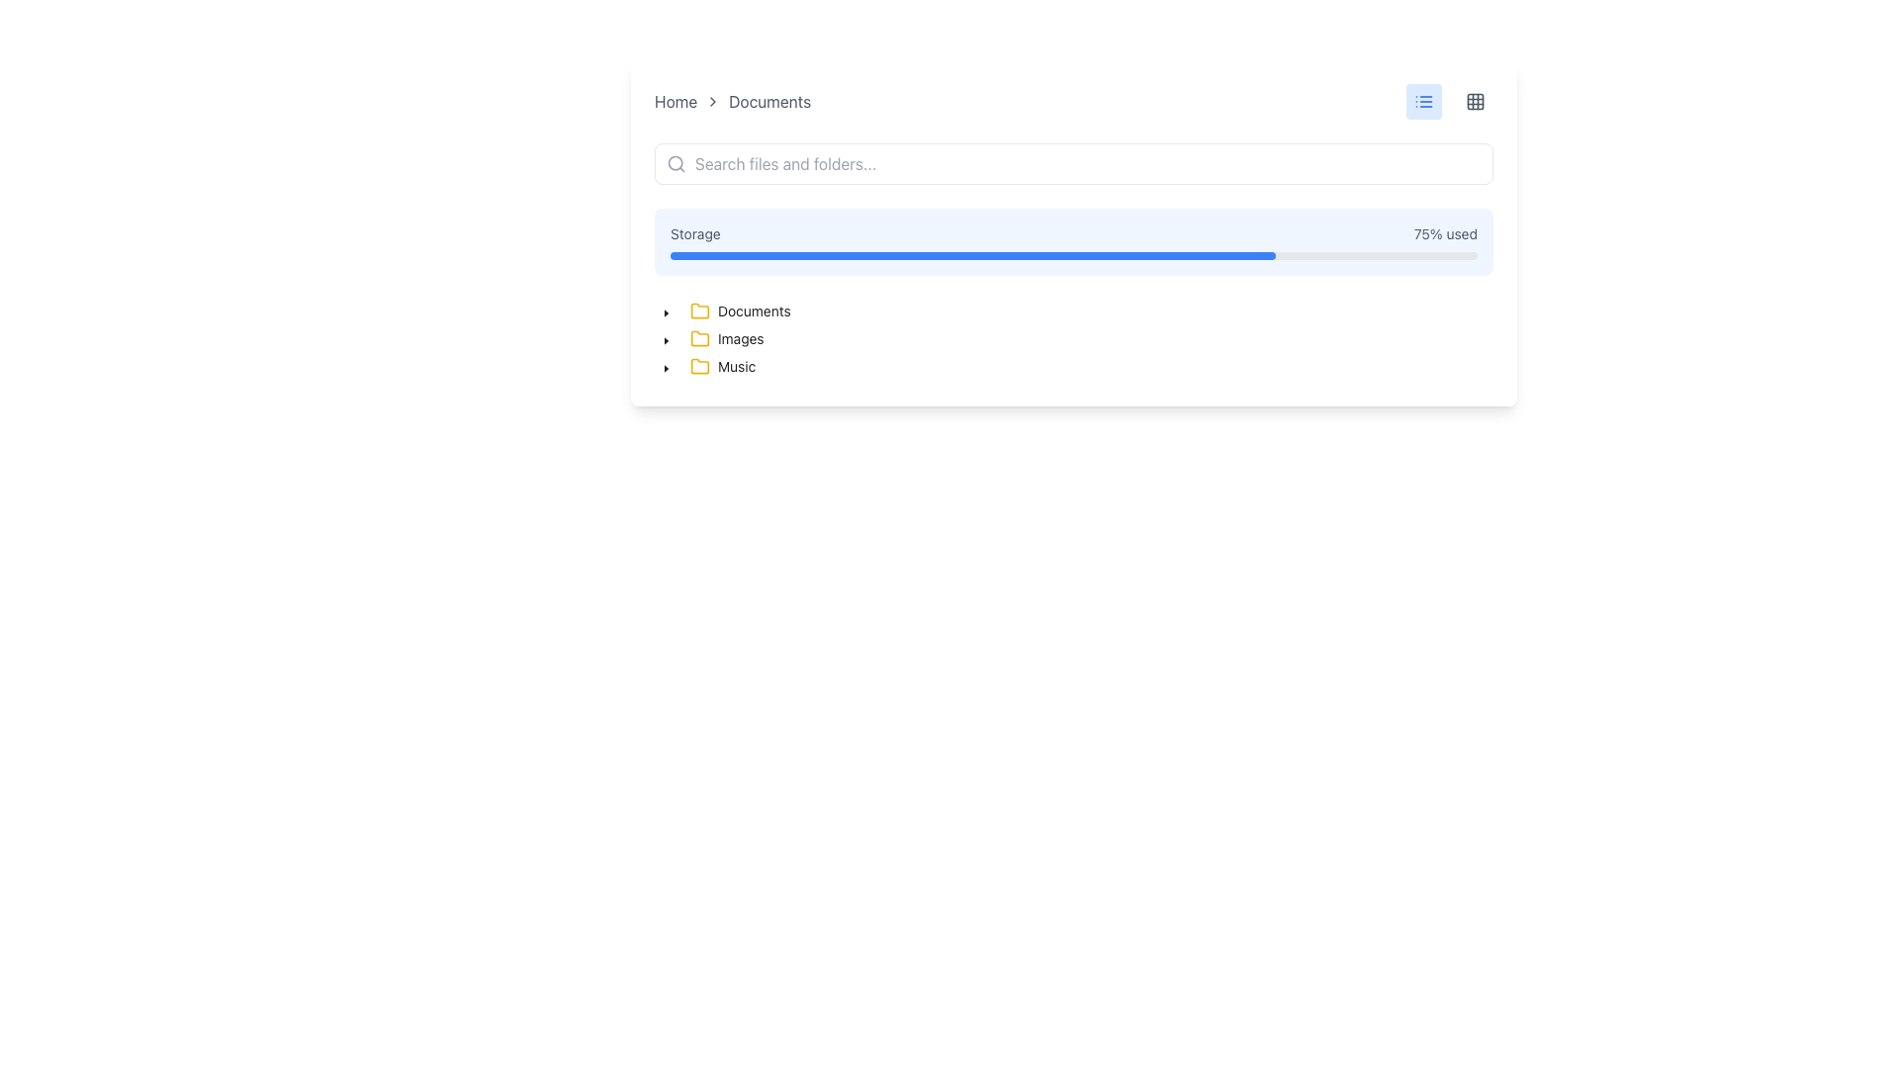 The image size is (1899, 1068). What do you see at coordinates (700, 366) in the screenshot?
I see `the 'Music' folder icon, which is the third item in a vertical list of folders` at bounding box center [700, 366].